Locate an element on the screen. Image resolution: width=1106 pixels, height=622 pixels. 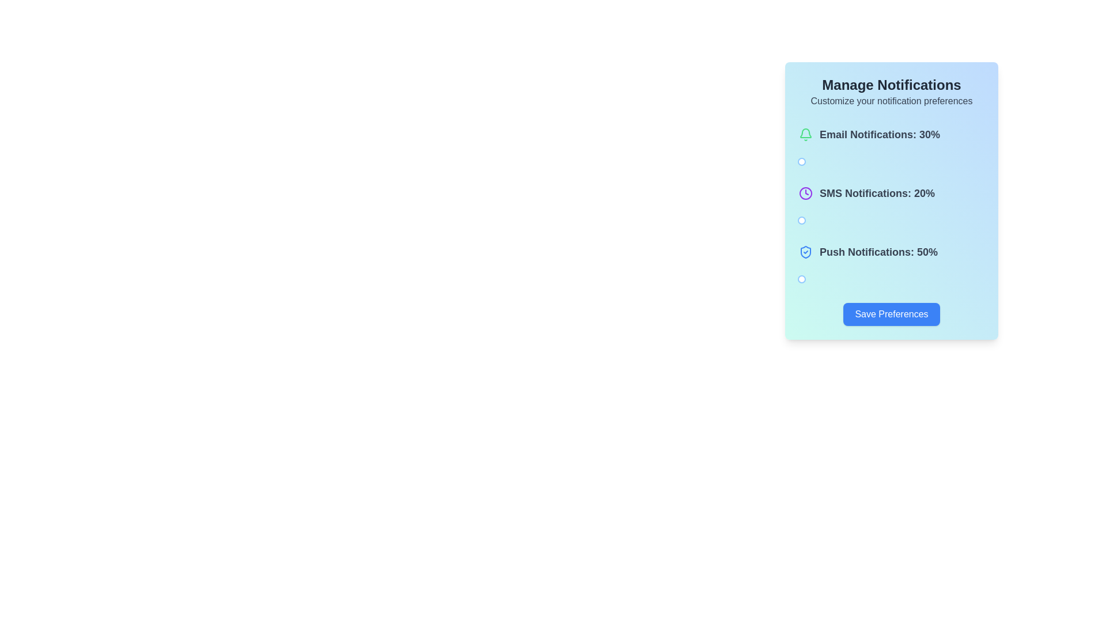
the 'Save Preferences' button with a blue background and rounded corners is located at coordinates (891, 314).